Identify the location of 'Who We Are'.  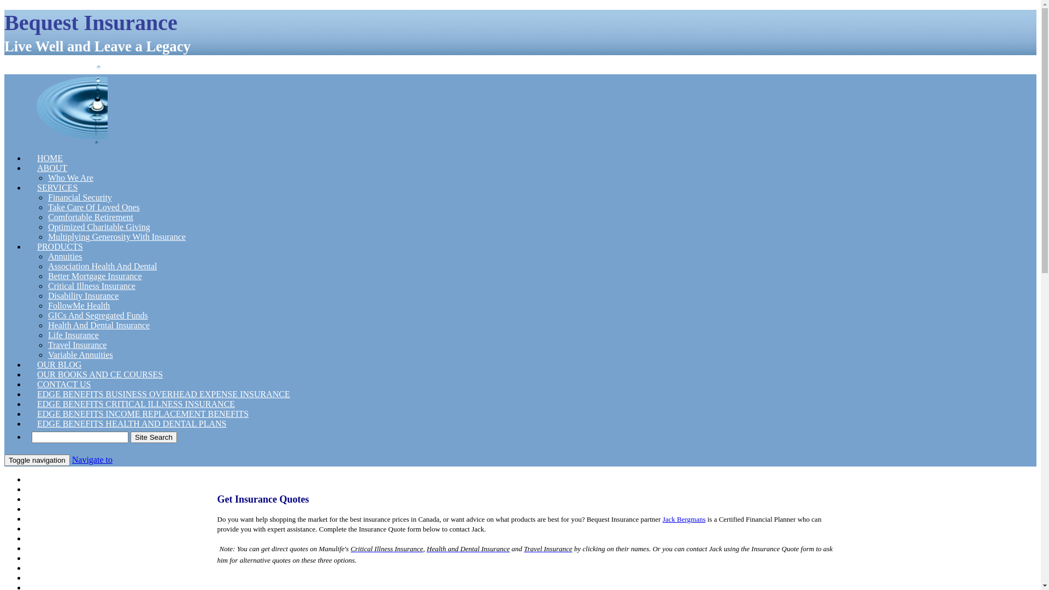
(47, 177).